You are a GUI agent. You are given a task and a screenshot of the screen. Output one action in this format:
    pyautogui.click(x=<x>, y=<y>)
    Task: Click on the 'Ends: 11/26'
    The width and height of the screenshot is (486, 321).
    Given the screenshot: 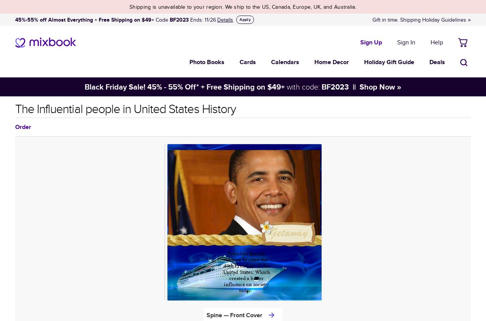 What is the action you would take?
    pyautogui.click(x=202, y=19)
    